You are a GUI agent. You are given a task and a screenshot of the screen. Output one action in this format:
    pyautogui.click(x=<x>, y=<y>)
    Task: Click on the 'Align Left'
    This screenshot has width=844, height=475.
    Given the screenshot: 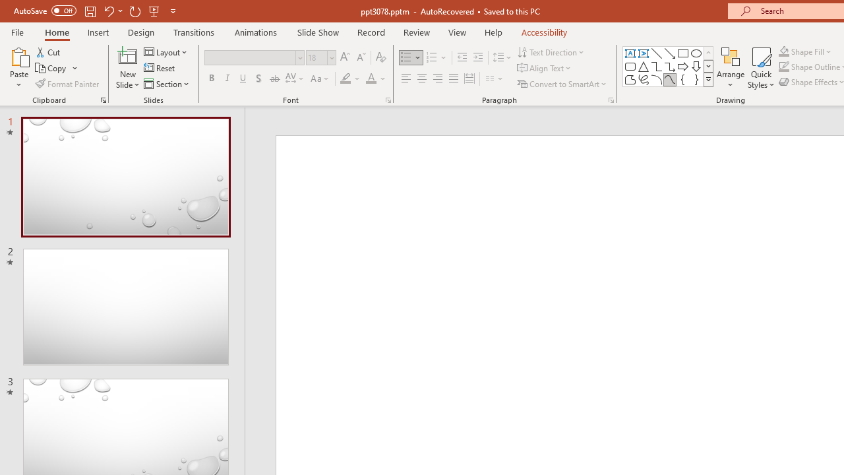 What is the action you would take?
    pyautogui.click(x=406, y=79)
    